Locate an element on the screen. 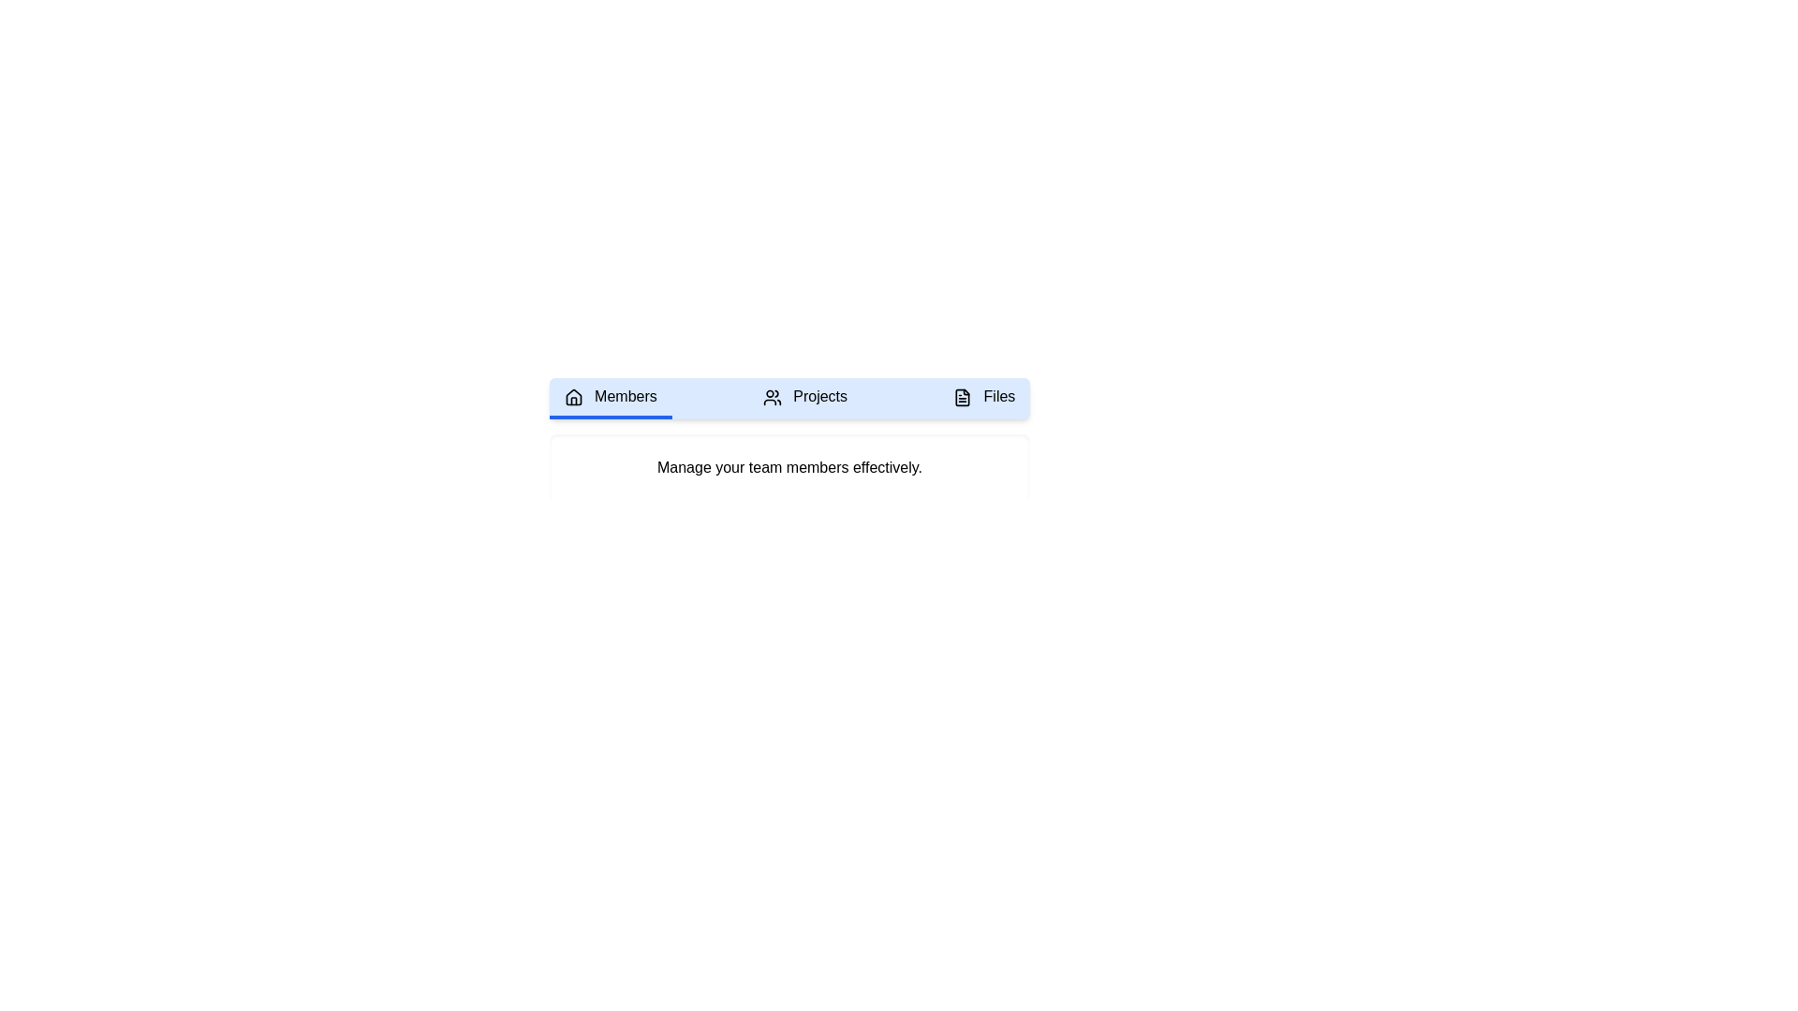  the static text element that provides guidance on managing team members efficiently, located below the navigation bar with tabs labeled 'Members', 'Projects', and 'Files' is located at coordinates (789, 467).